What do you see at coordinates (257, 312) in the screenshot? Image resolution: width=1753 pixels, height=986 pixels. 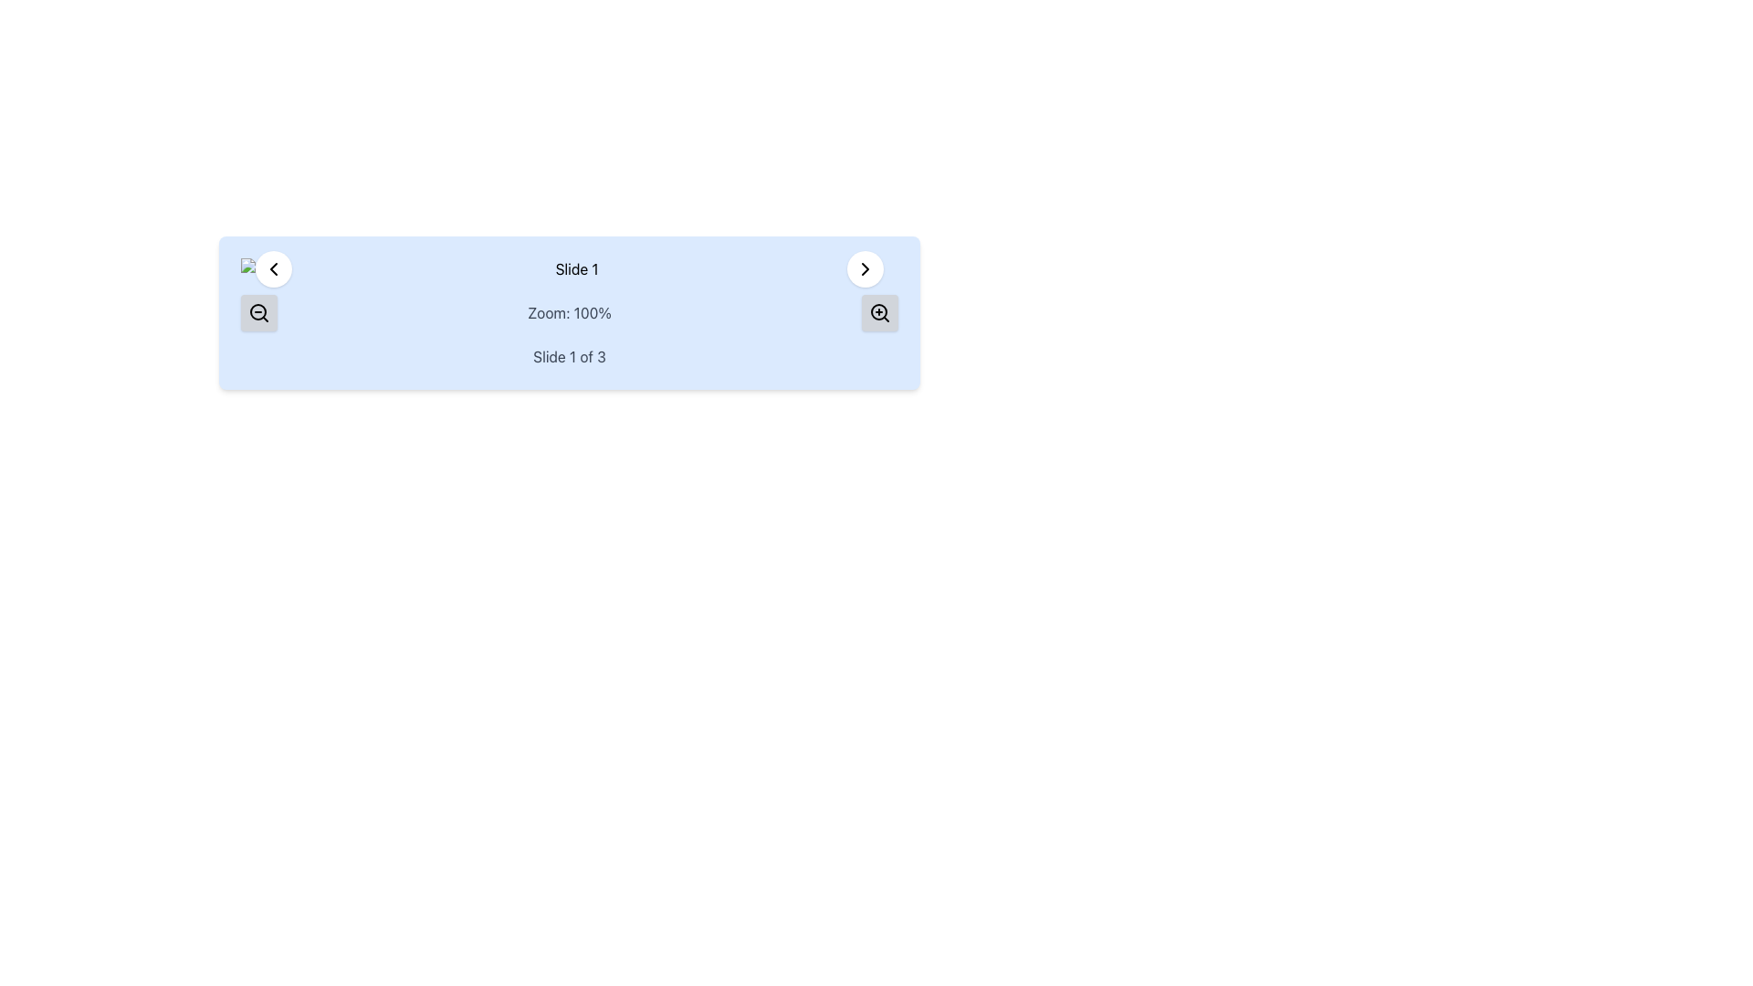 I see `the circular zoom-out button with a light gray background and magnifying glass icon located to the left of the text 'Zoom: 100%'` at bounding box center [257, 312].